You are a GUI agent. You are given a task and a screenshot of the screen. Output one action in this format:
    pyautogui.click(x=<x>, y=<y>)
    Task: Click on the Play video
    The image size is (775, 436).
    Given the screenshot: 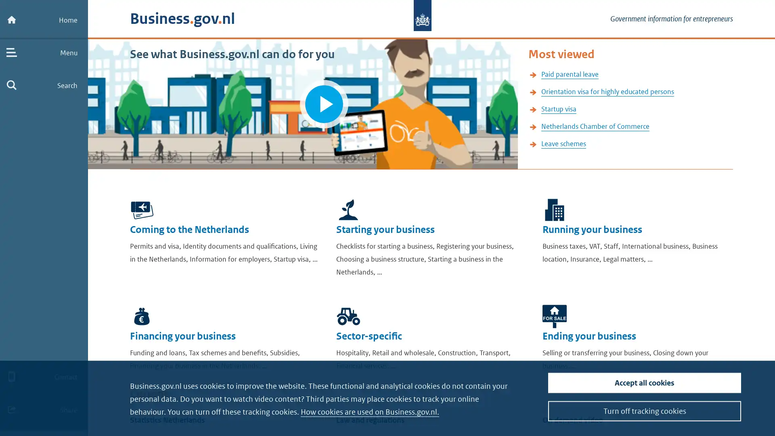 What is the action you would take?
    pyautogui.click(x=323, y=104)
    